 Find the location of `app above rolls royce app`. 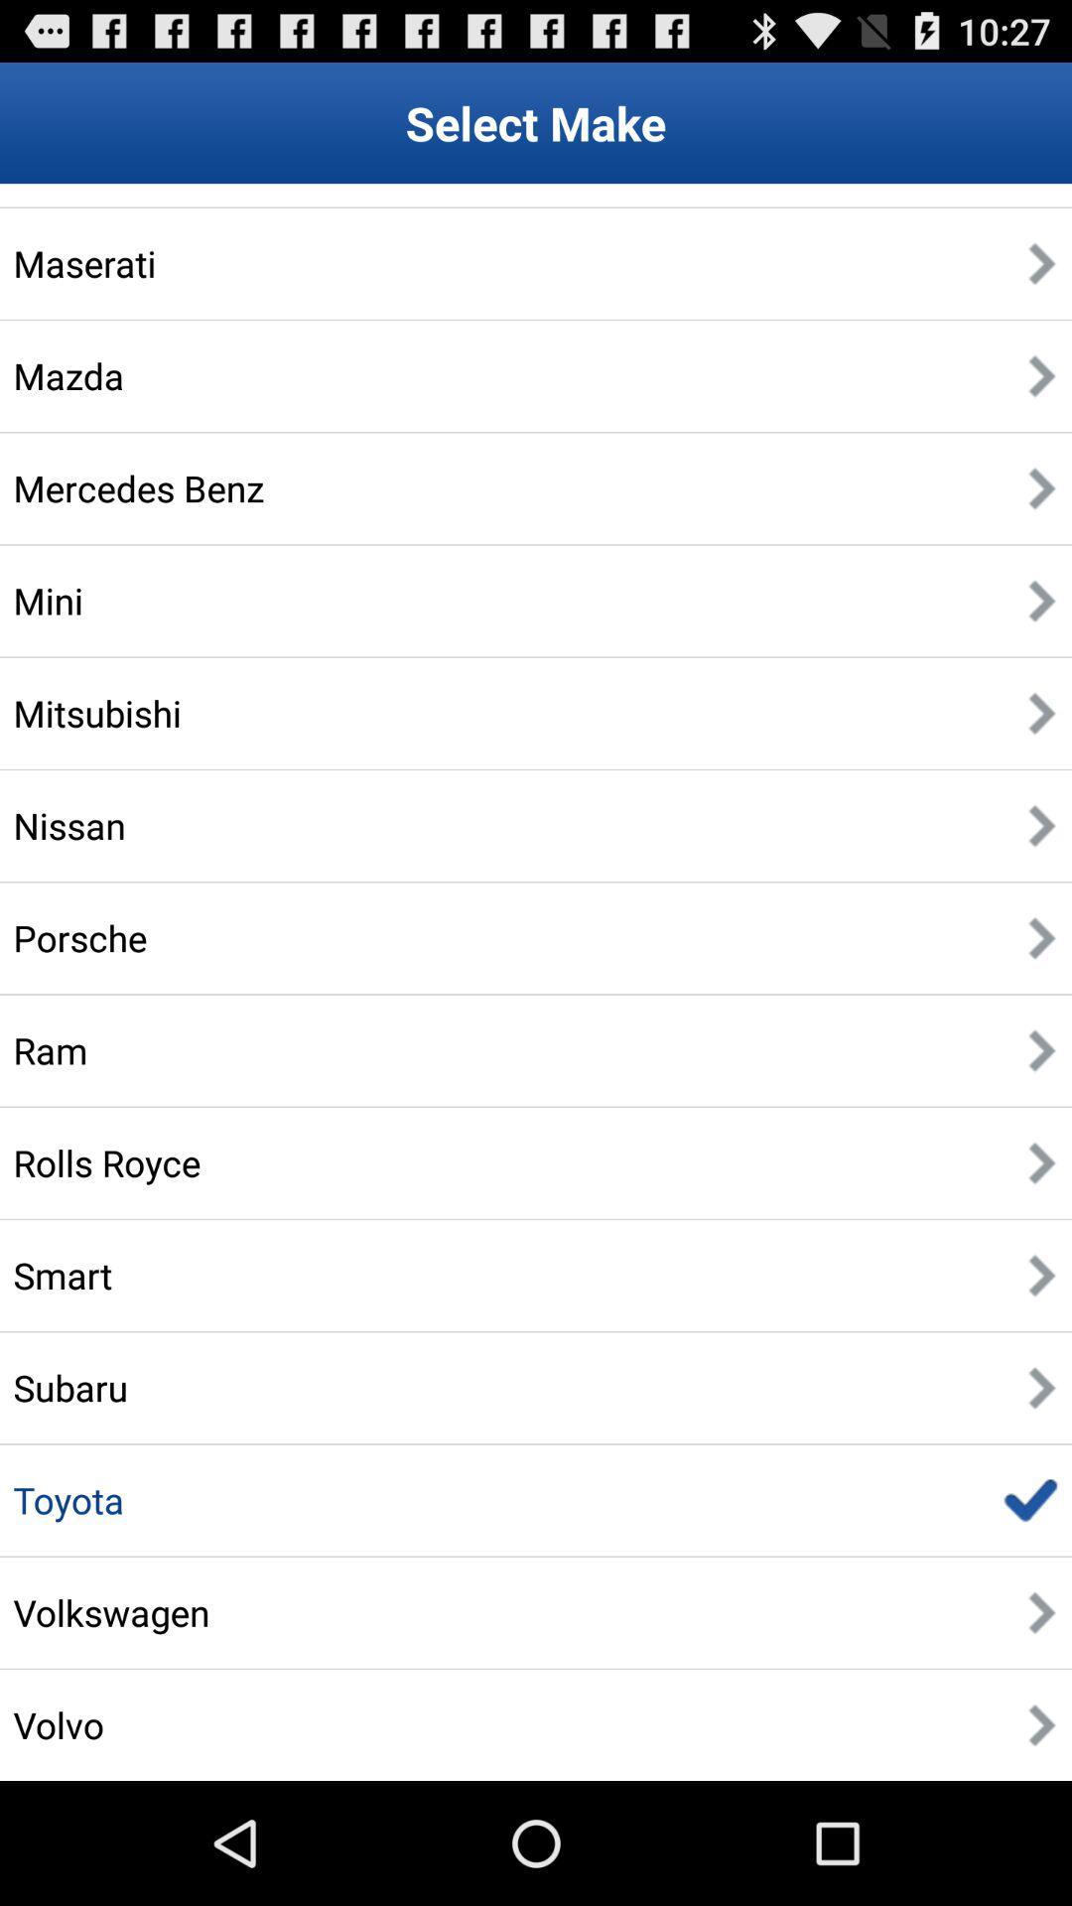

app above rolls royce app is located at coordinates (49, 1049).